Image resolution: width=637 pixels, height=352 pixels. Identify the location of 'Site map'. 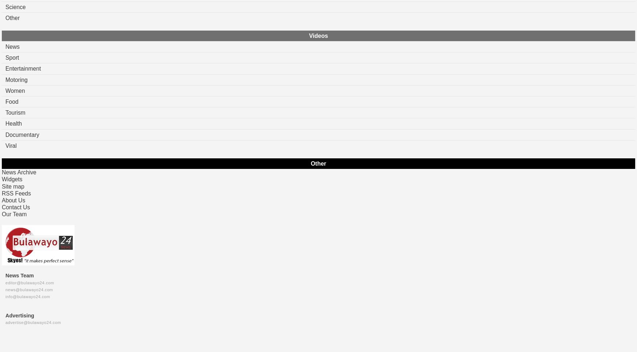
(13, 186).